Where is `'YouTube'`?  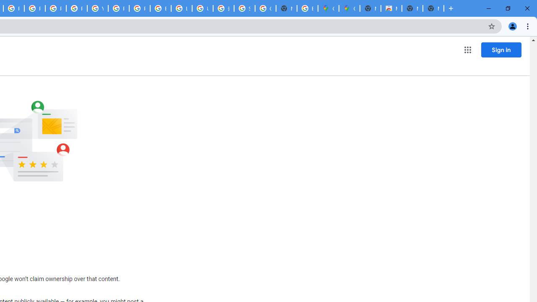 'YouTube' is located at coordinates (97, 8).